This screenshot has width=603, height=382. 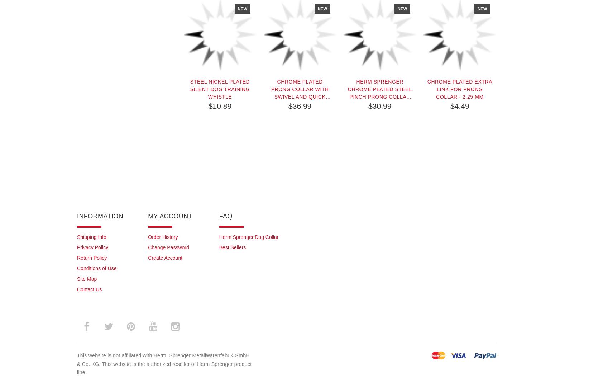 What do you see at coordinates (96, 268) in the screenshot?
I see `'Conditions of Use'` at bounding box center [96, 268].